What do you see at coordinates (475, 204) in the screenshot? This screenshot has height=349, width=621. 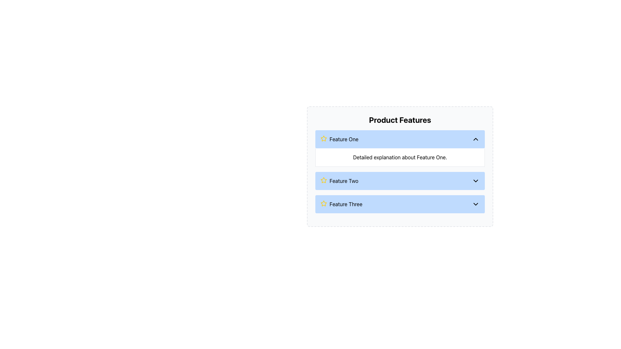 I see `the downward-pointing chevron icon with a thin black outline located at the far right edge of the 'Feature Three' section` at bounding box center [475, 204].